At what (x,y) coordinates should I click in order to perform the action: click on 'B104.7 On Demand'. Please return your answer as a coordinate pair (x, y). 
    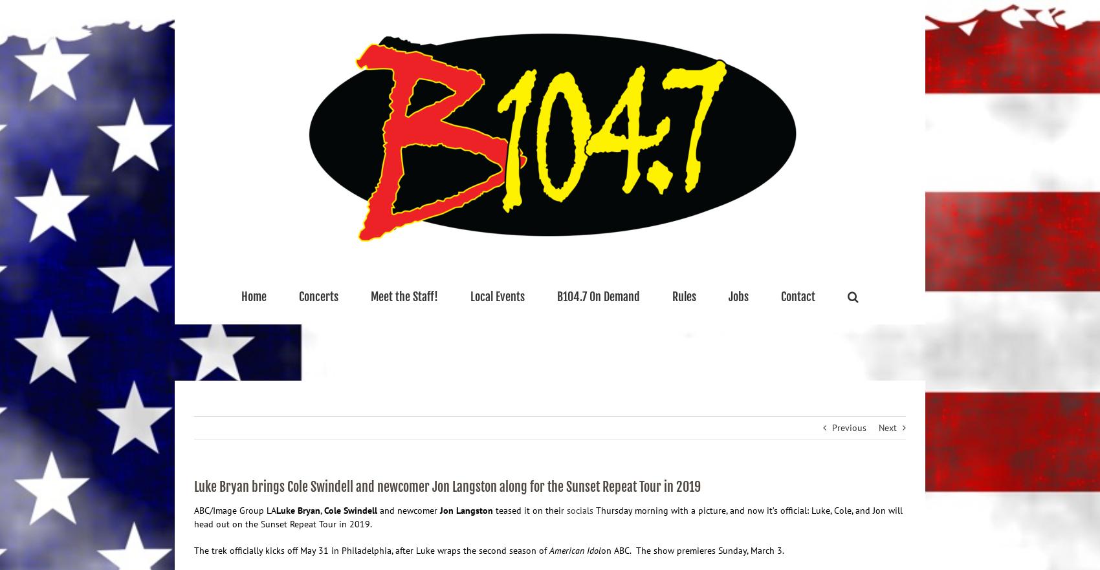
    Looking at the image, I should click on (598, 296).